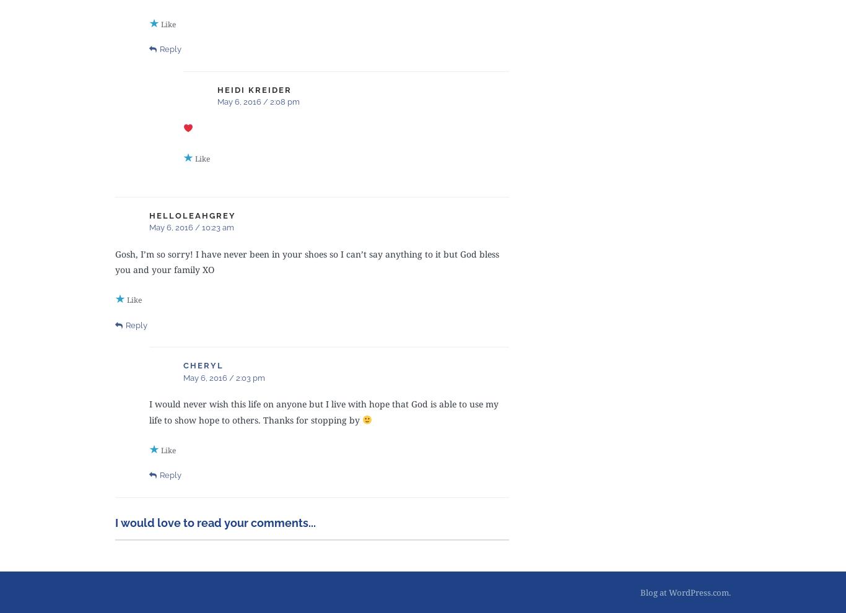 The height and width of the screenshot is (613, 846). Describe the element at coordinates (324, 411) in the screenshot. I see `'I would never wish this life on anyone but I live with hope that God is able to use my life to show hope to others.  Thanks for stopping by'` at that location.